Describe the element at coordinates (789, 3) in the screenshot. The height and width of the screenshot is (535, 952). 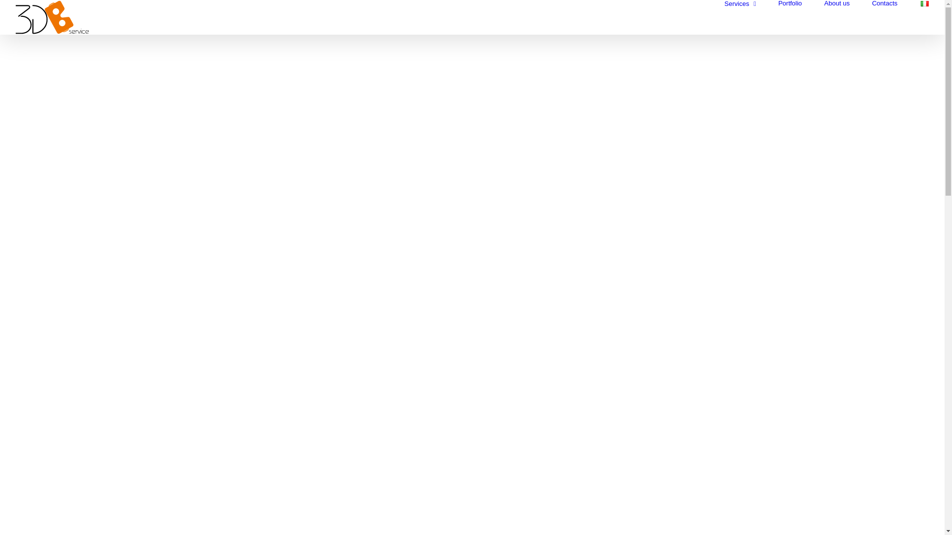
I see `'Portfolio'` at that location.